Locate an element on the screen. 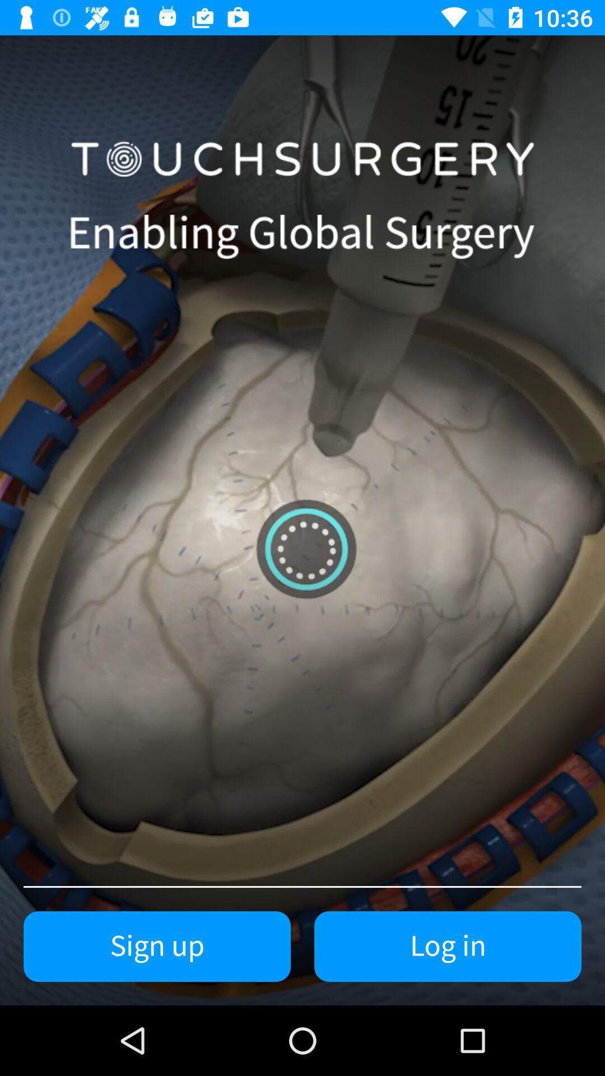  log in is located at coordinates (447, 946).